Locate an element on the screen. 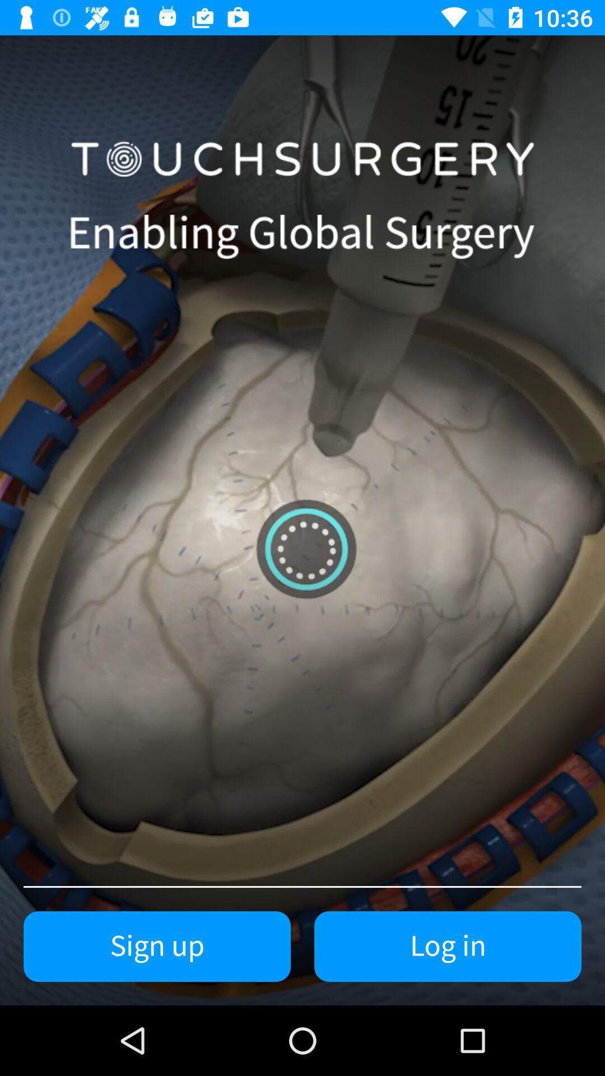  log in is located at coordinates (447, 946).